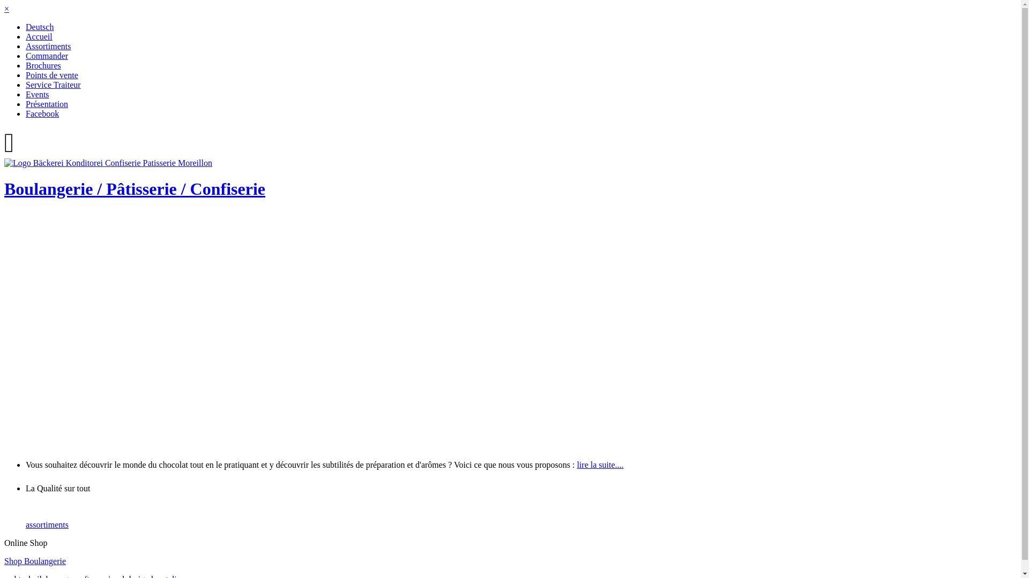  What do you see at coordinates (39, 26) in the screenshot?
I see `'Deutsch'` at bounding box center [39, 26].